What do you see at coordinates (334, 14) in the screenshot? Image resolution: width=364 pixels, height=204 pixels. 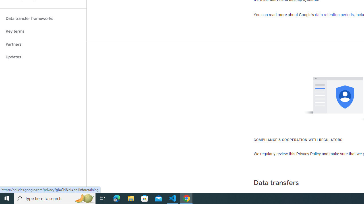 I see `'data retention periods'` at bounding box center [334, 14].